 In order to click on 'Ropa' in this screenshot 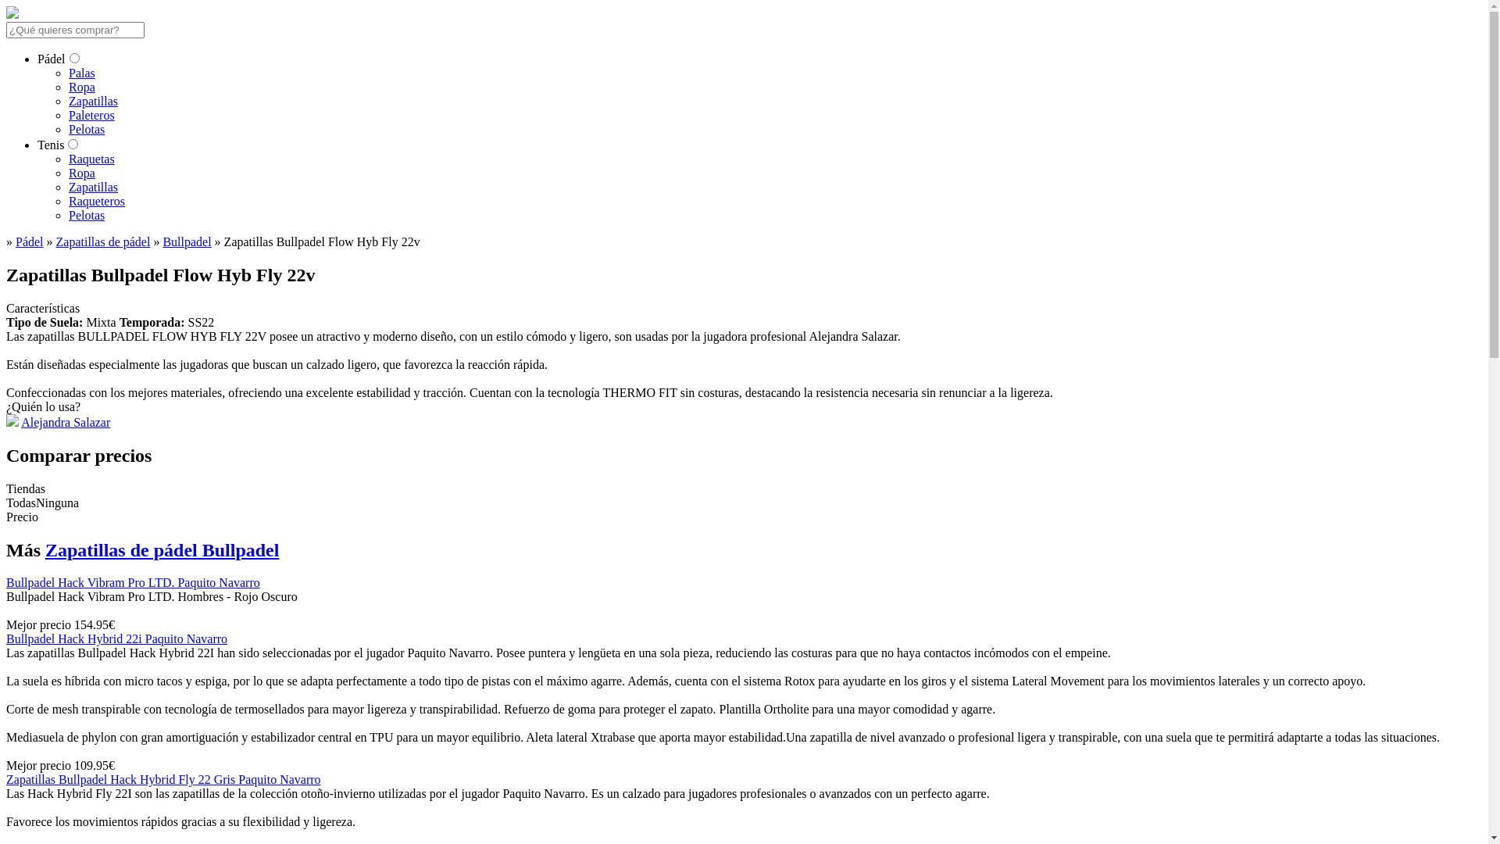, I will do `click(81, 173)`.